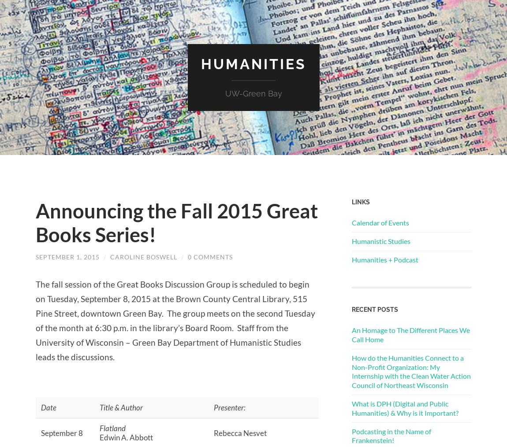 The width and height of the screenshot is (507, 447). I want to click on 'Links', so click(360, 201).